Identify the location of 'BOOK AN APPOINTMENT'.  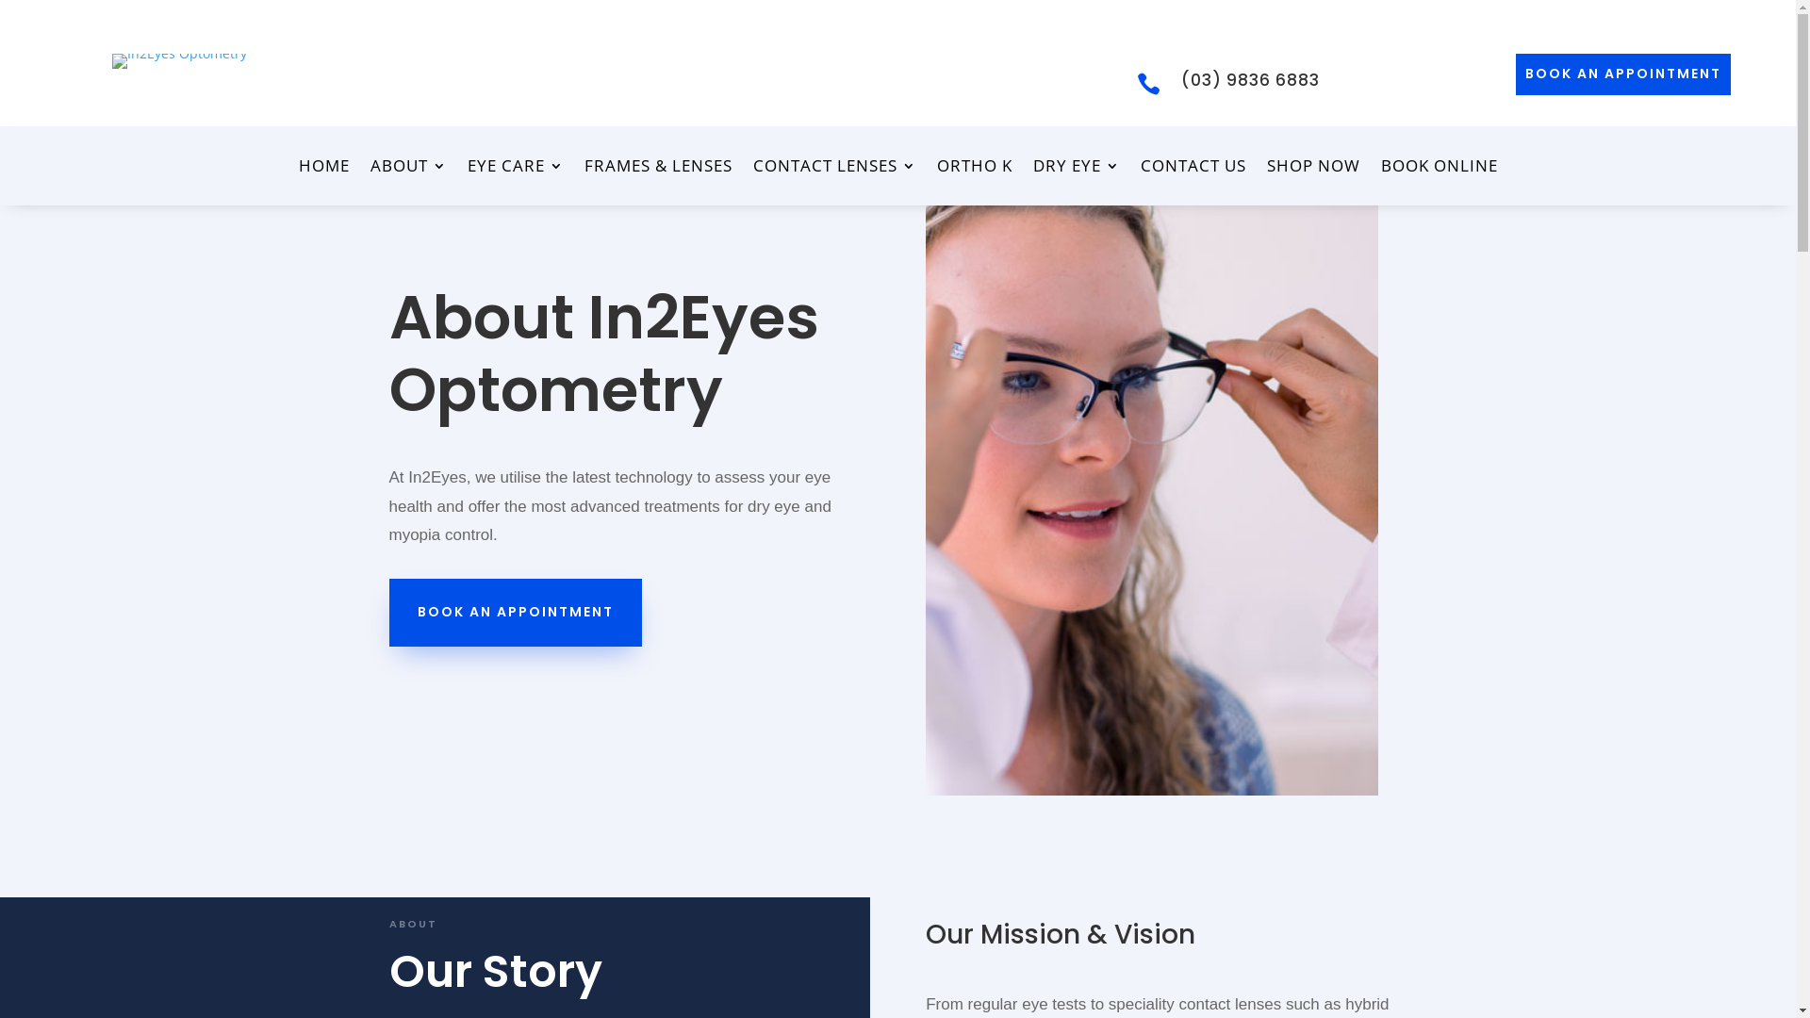
(1622, 73).